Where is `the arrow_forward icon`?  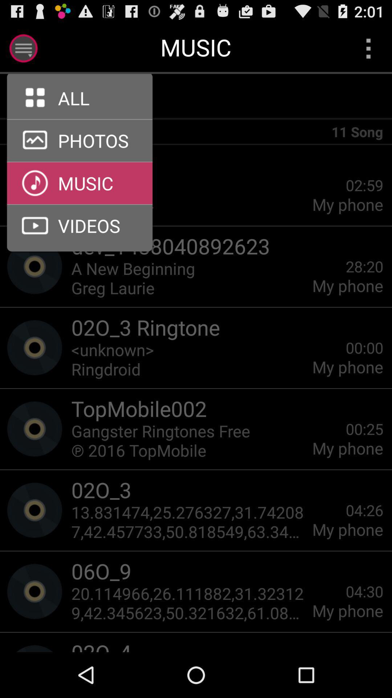 the arrow_forward icon is located at coordinates (79, 128).